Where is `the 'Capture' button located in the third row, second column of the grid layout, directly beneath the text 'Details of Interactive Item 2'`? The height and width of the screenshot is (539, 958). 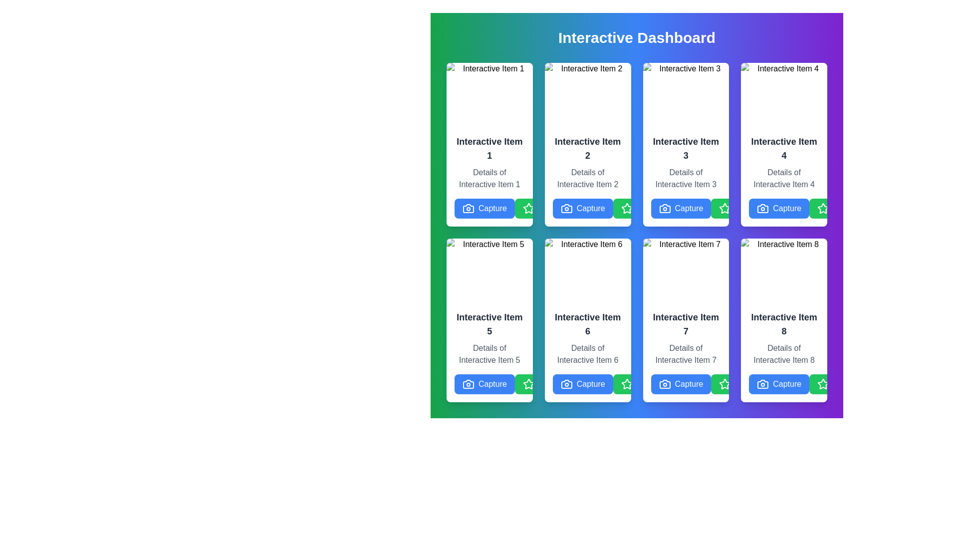
the 'Capture' button located in the third row, second column of the grid layout, directly beneath the text 'Details of Interactive Item 2' is located at coordinates (588, 208).